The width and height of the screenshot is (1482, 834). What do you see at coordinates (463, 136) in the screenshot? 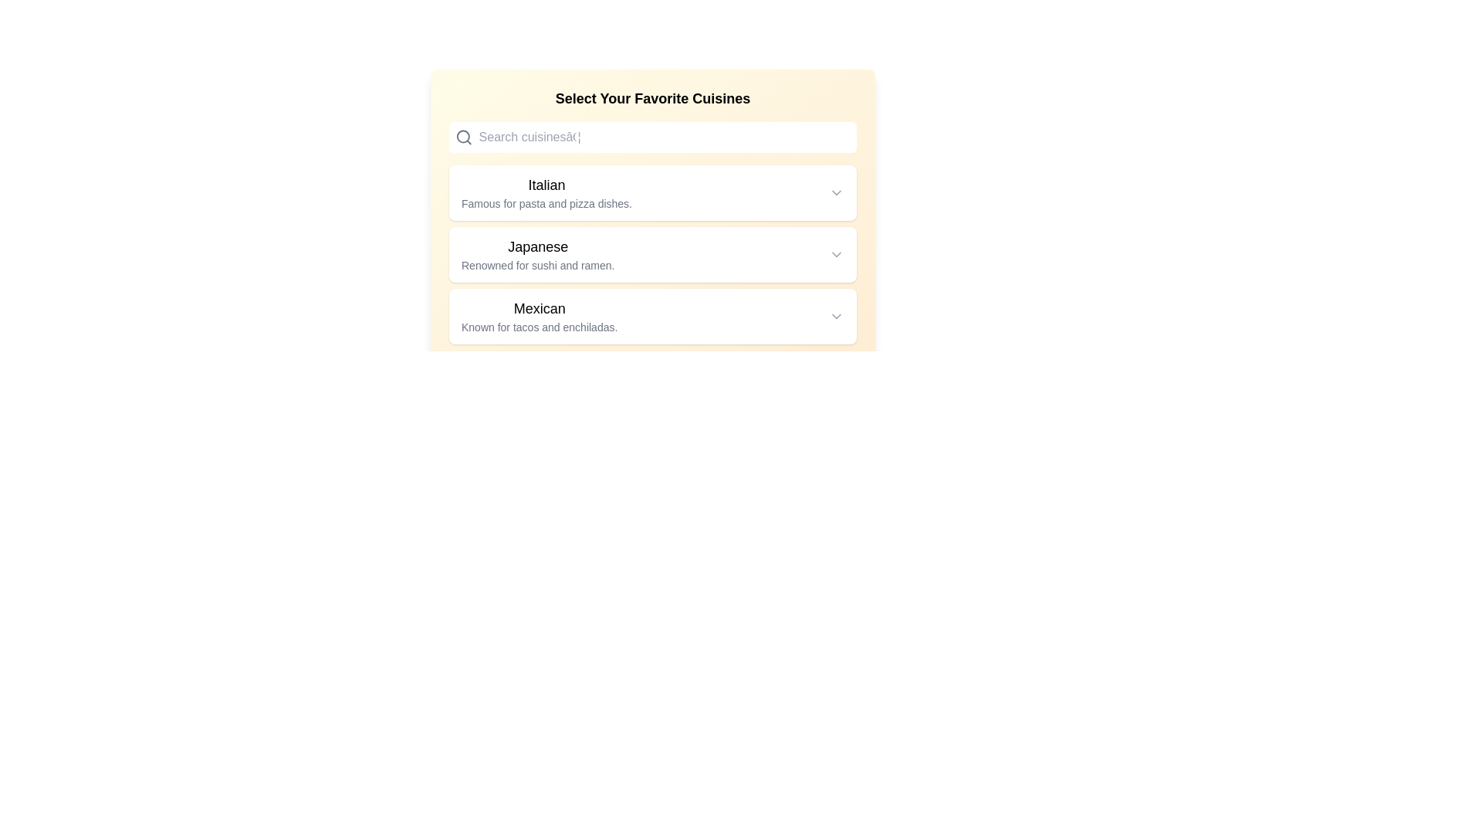
I see `the search functionality icon located in the white search bar to the left of the 'Search cuisines…' input field` at bounding box center [463, 136].